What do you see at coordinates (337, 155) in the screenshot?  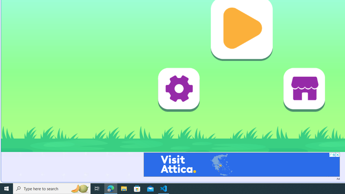 I see `'AutomationID: cbb'` at bounding box center [337, 155].